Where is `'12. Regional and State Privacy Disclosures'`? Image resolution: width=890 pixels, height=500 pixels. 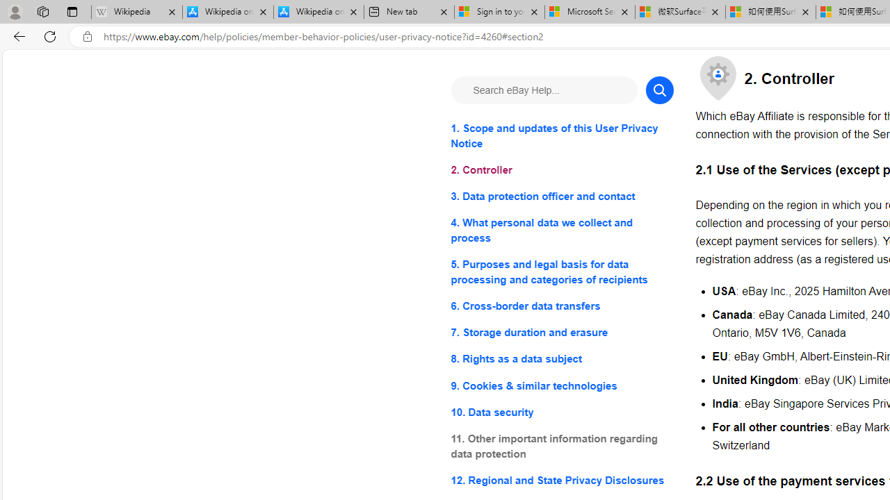 '12. Regional and State Privacy Disclosures' is located at coordinates (562, 479).